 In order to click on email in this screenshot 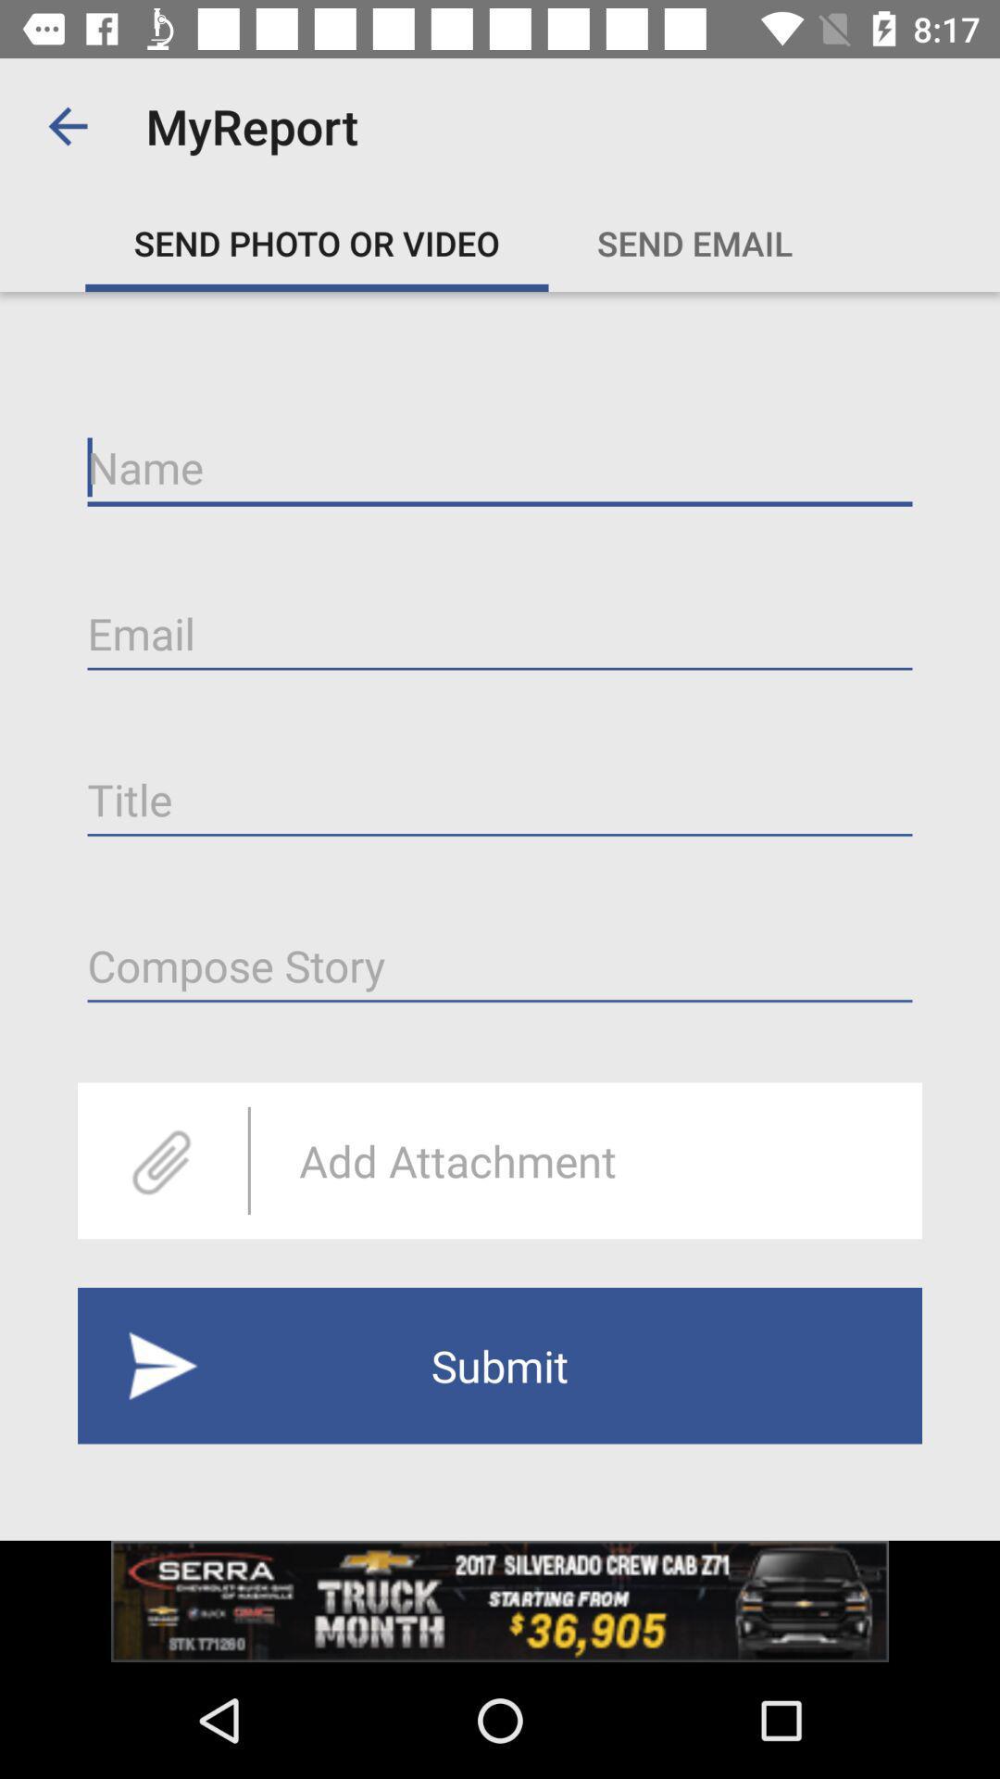, I will do `click(500, 634)`.